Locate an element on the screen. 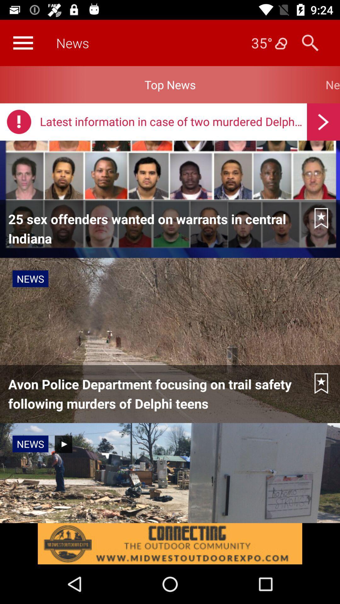  advertisement website is located at coordinates (170, 543).